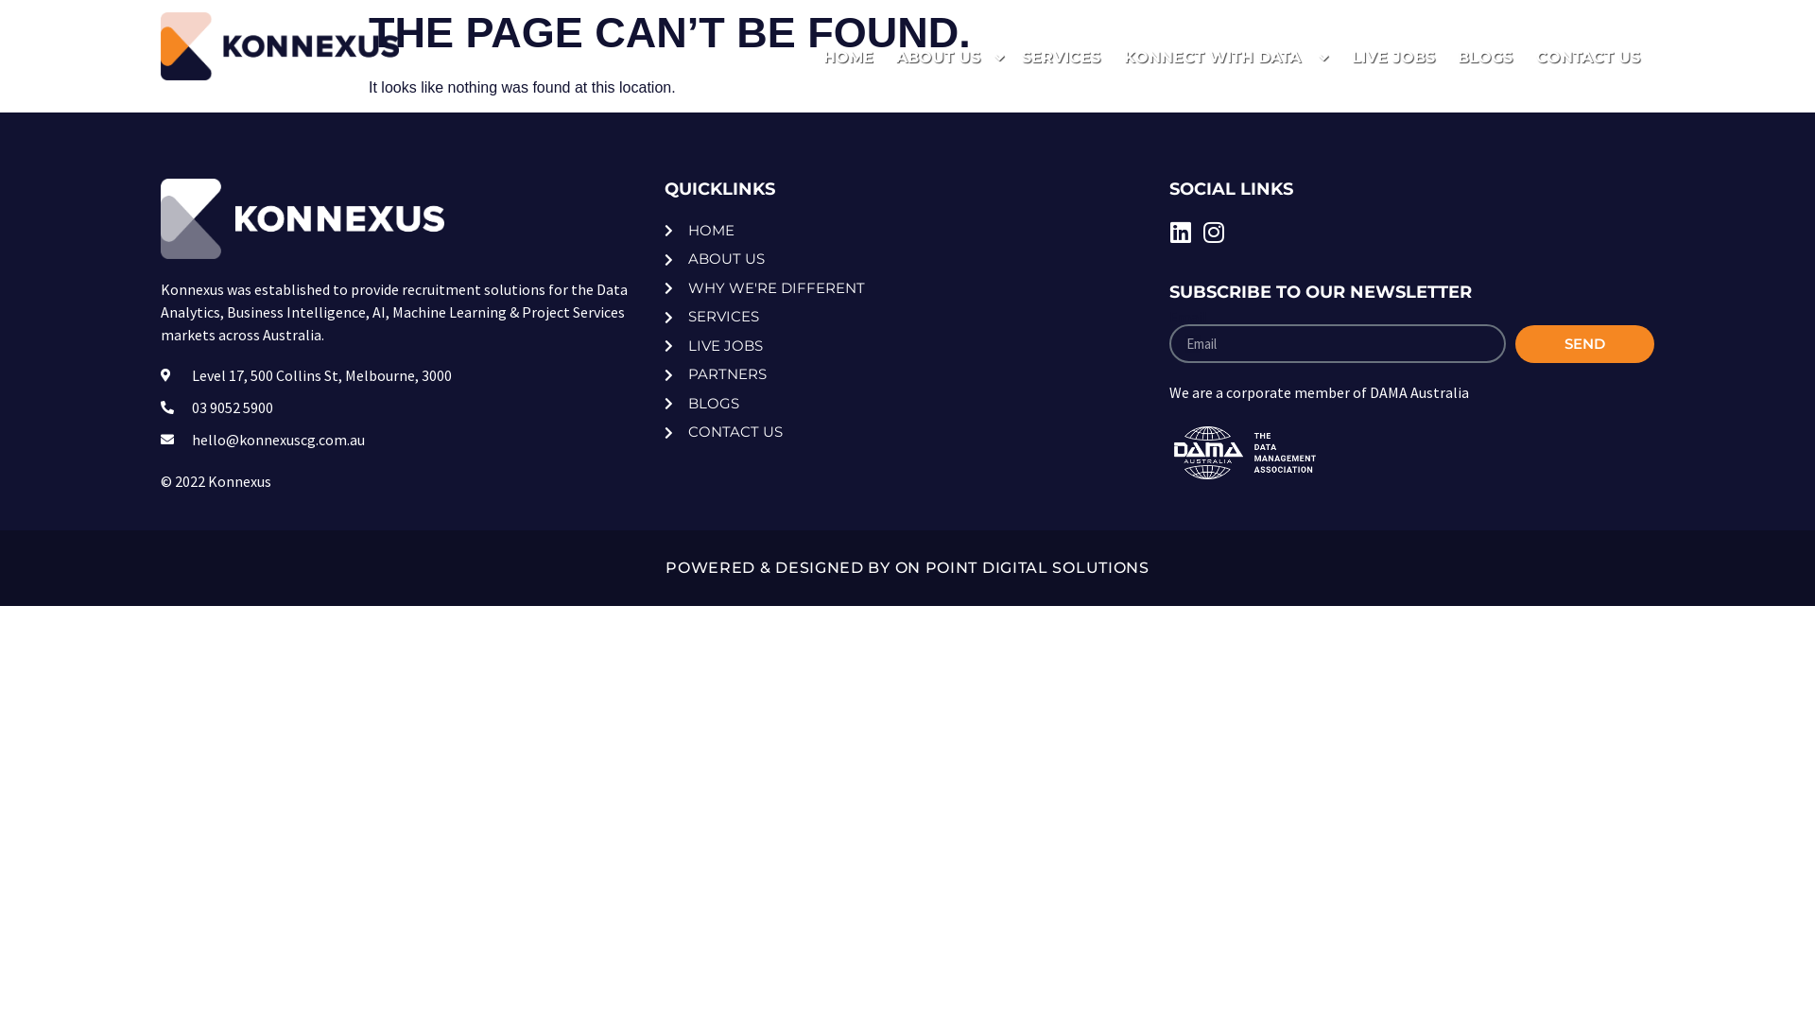  Describe the element at coordinates (664, 288) in the screenshot. I see `'WHY WE'RE DIFFERENT'` at that location.